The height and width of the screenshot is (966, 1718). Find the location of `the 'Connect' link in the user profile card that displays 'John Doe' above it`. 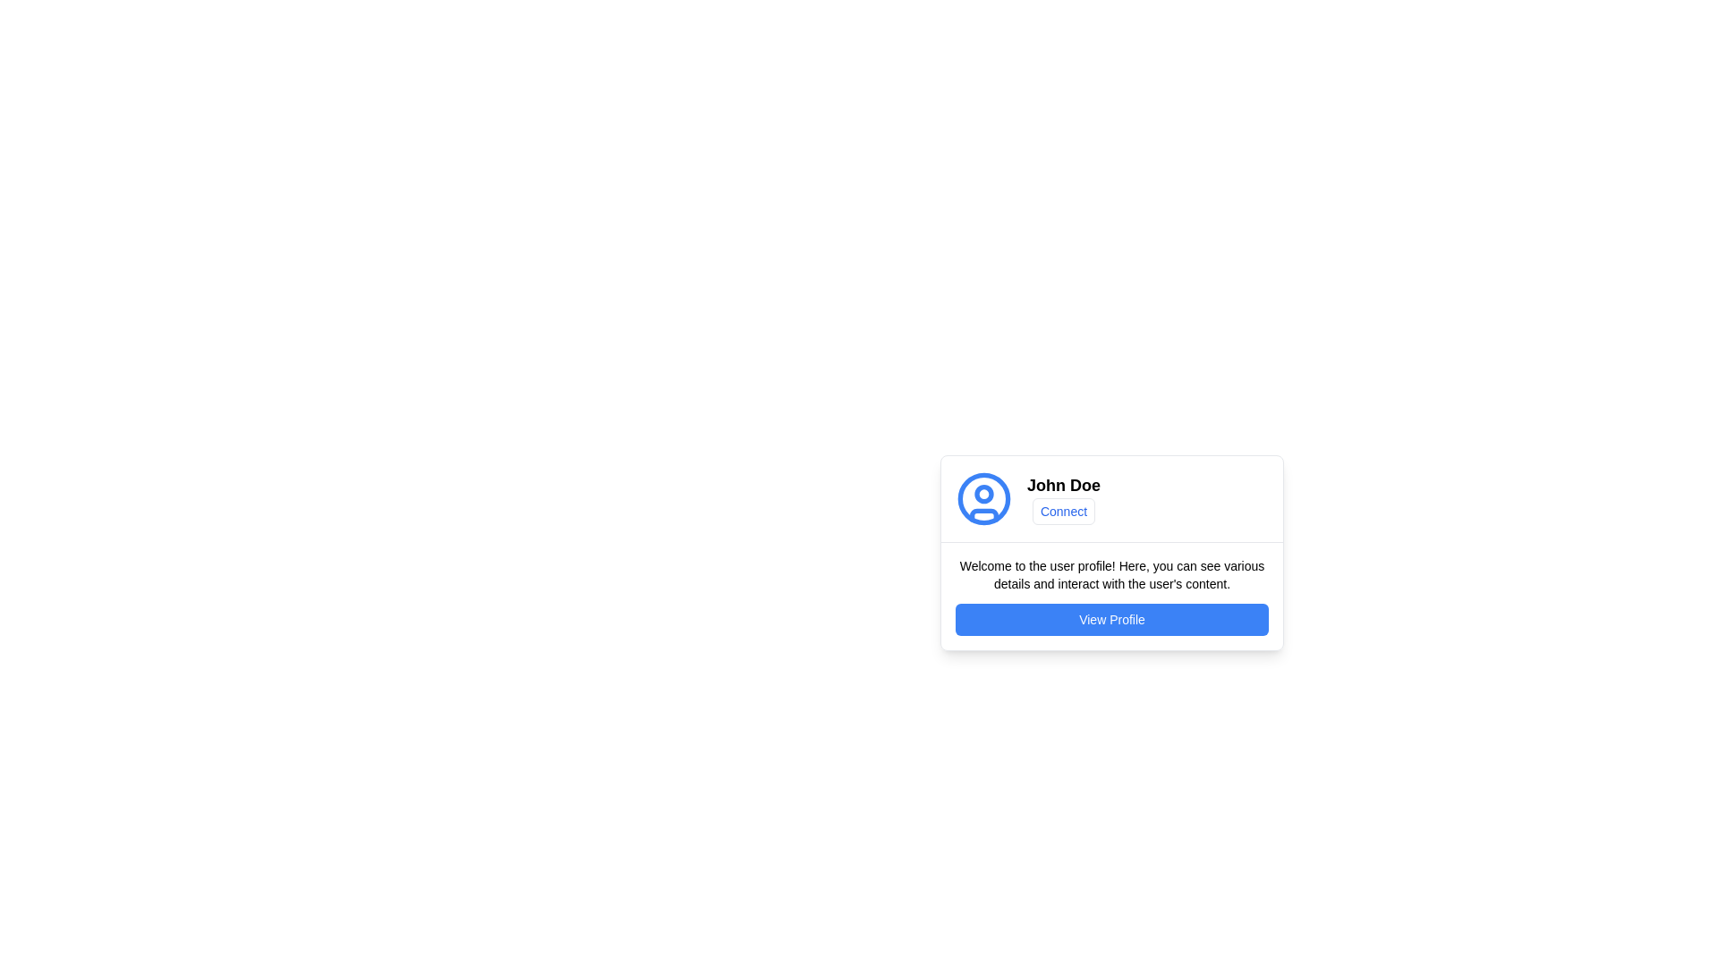

the 'Connect' link in the user profile card that displays 'John Doe' above it is located at coordinates (1064, 499).